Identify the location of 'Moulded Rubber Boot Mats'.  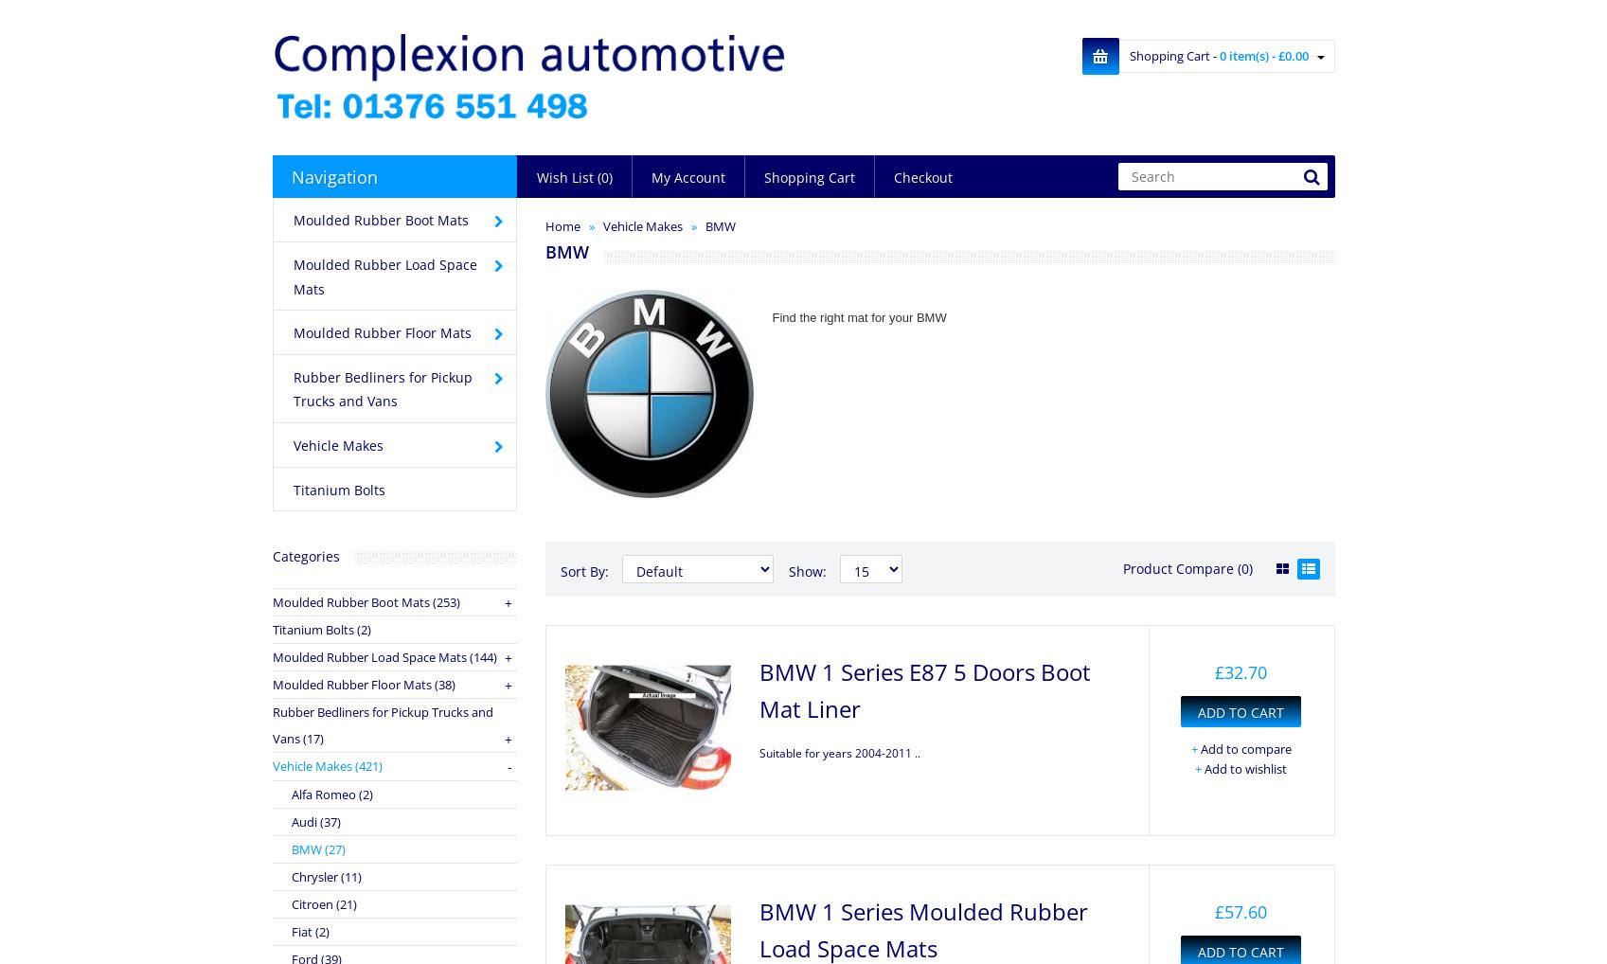
(379, 219).